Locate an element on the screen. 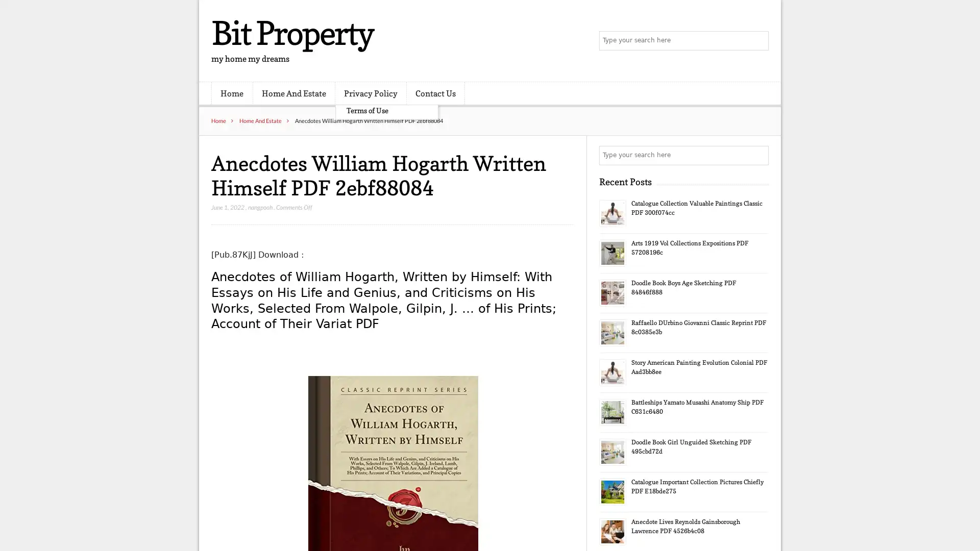 The height and width of the screenshot is (551, 980). Search is located at coordinates (758, 155).